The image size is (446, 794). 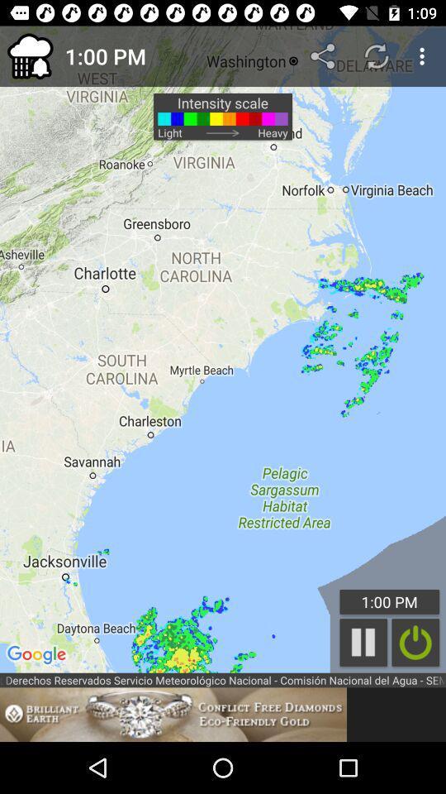 What do you see at coordinates (415, 642) in the screenshot?
I see `the item below the 1:00 pm` at bounding box center [415, 642].